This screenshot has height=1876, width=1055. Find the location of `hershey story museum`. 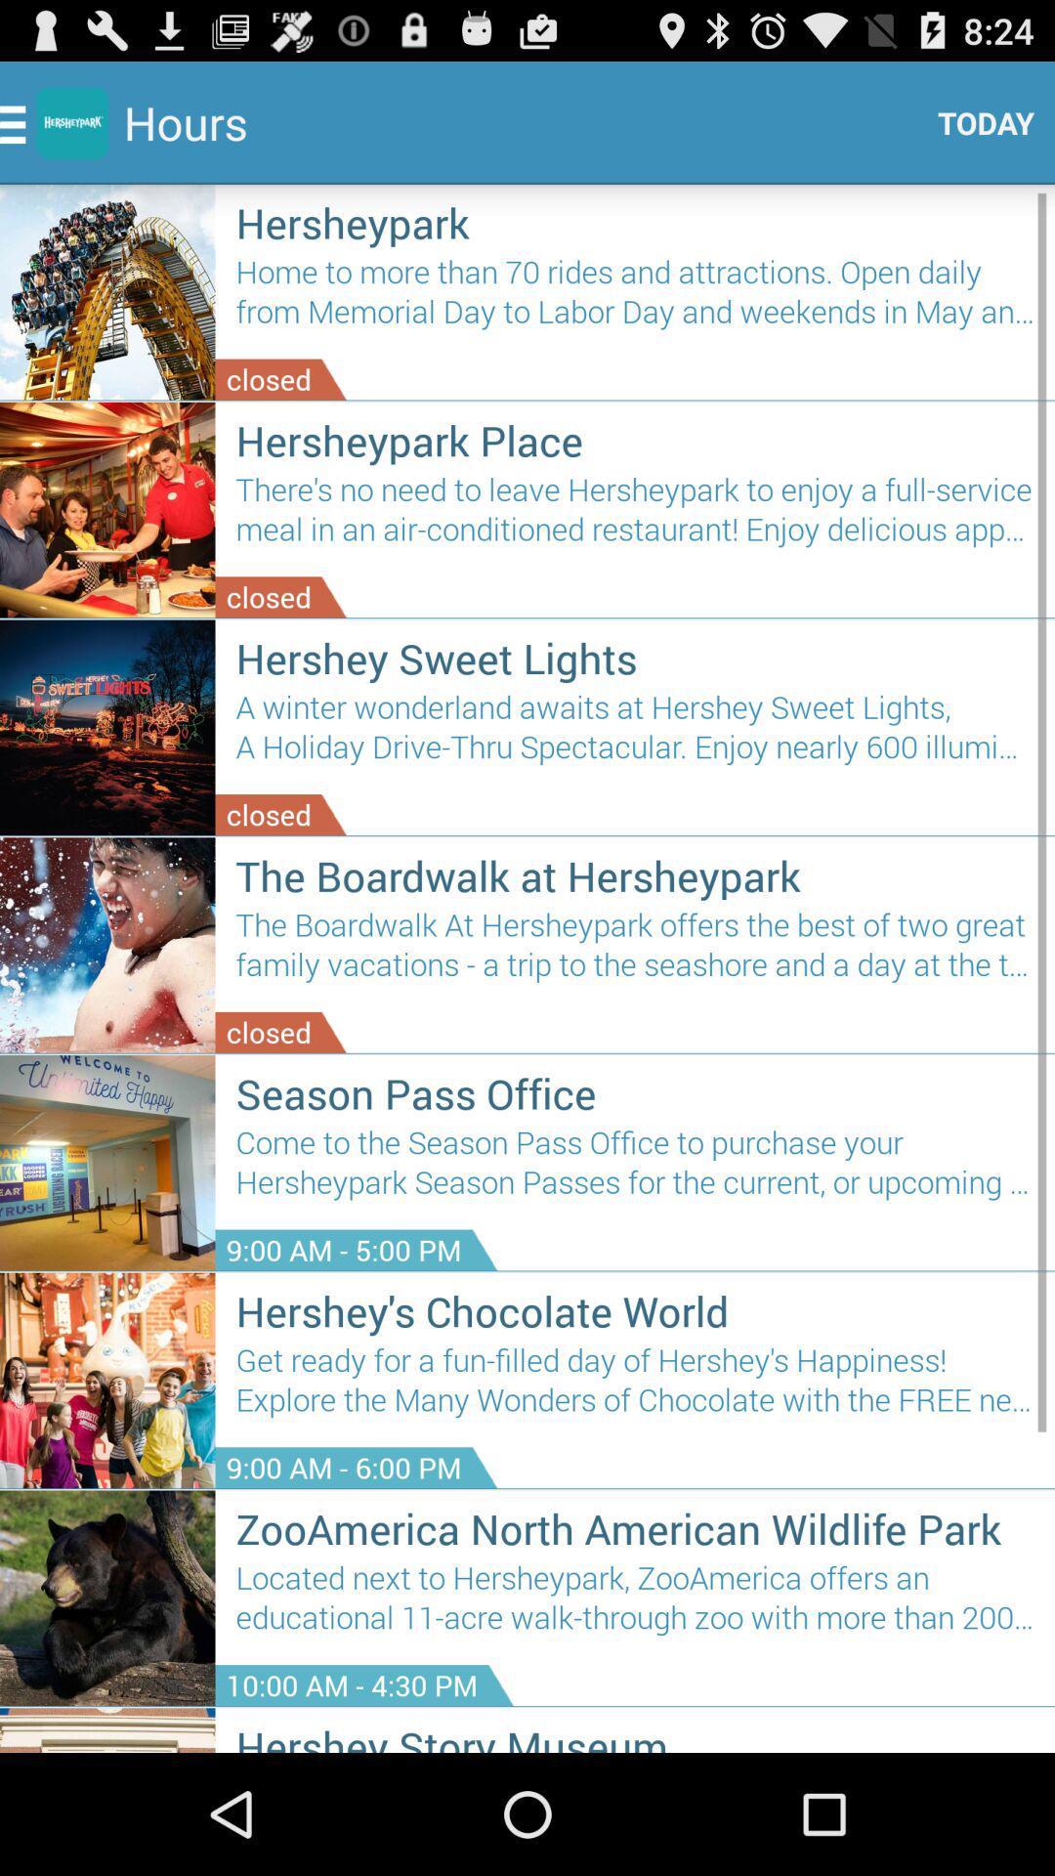

hershey story museum is located at coordinates (635, 1735).